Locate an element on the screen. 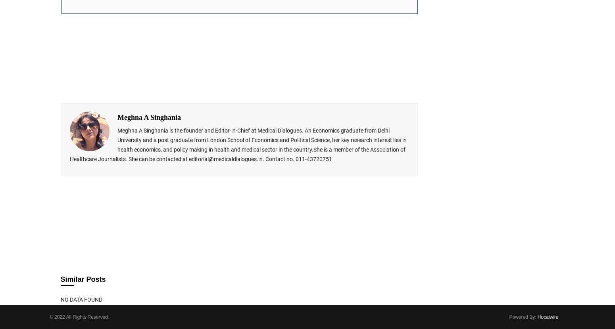 This screenshot has width=615, height=329. 'Our comments section is governed by our' is located at coordinates (117, 200).